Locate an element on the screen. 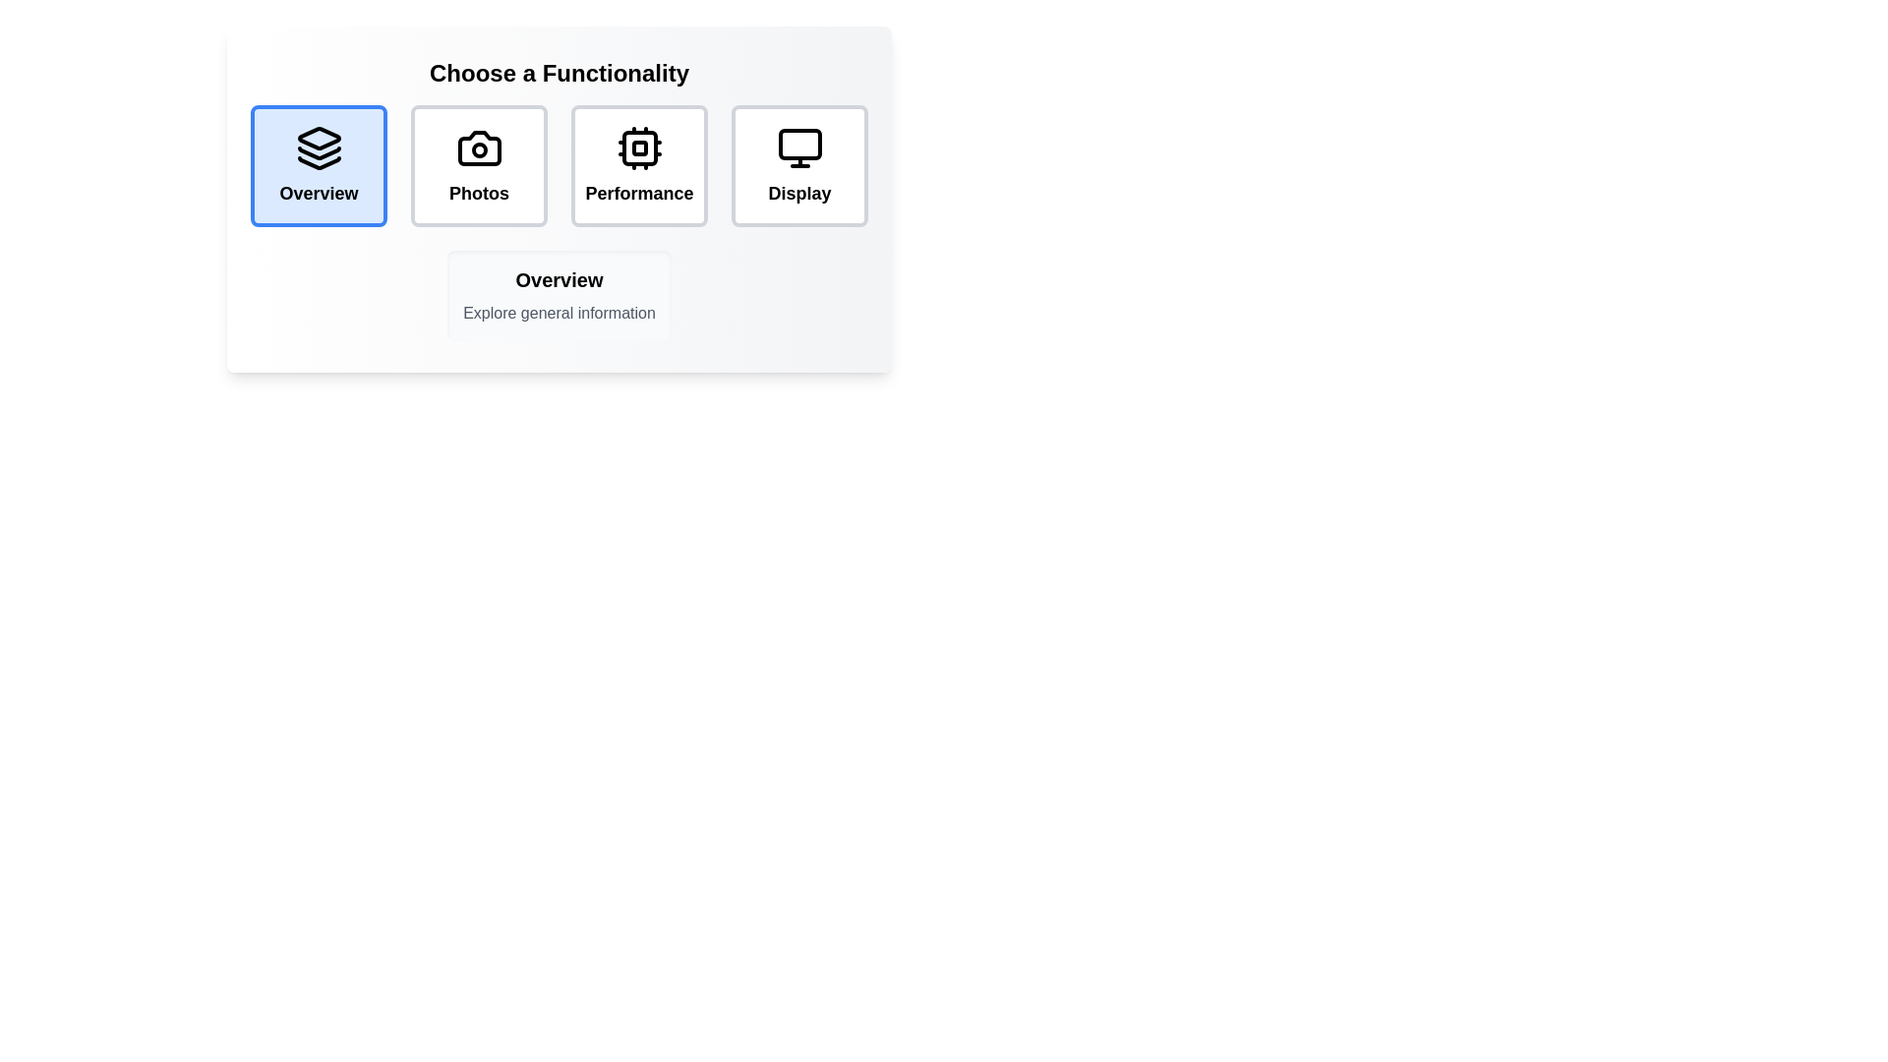 The image size is (1888, 1062). keyboard navigation is located at coordinates (559, 165).